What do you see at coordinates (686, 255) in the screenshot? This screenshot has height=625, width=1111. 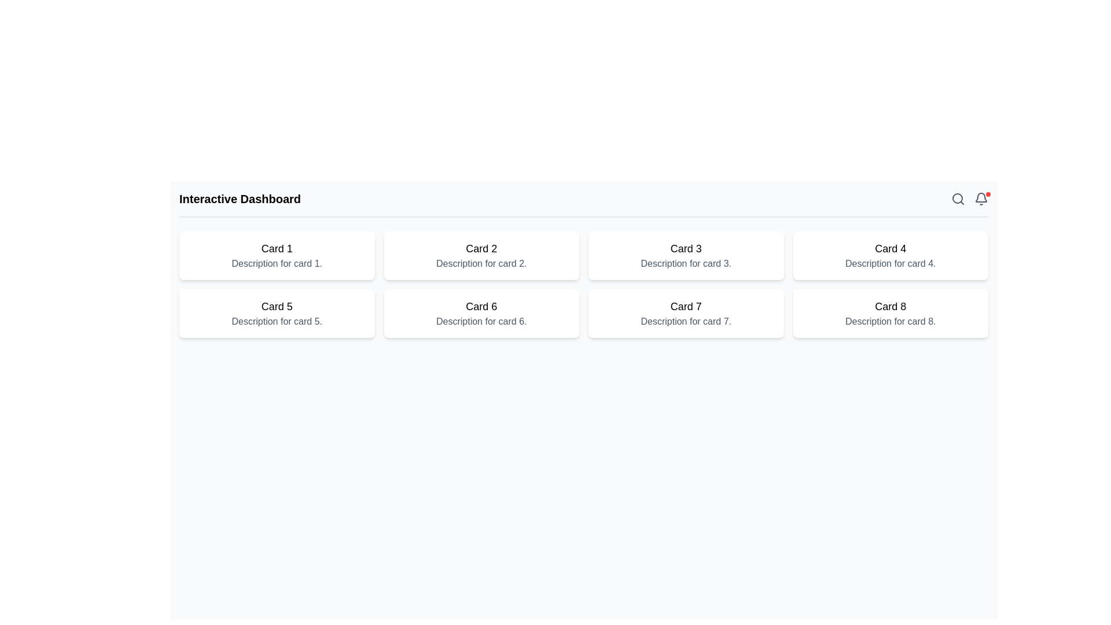 I see `the third card in the grid layout, which displays a title and description, located in the first row and third column` at bounding box center [686, 255].